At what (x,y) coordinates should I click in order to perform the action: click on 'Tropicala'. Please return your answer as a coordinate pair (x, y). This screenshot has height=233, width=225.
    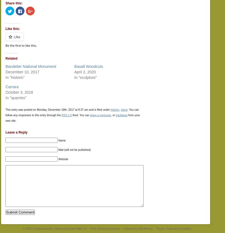
    Looking at the image, I should click on (166, 228).